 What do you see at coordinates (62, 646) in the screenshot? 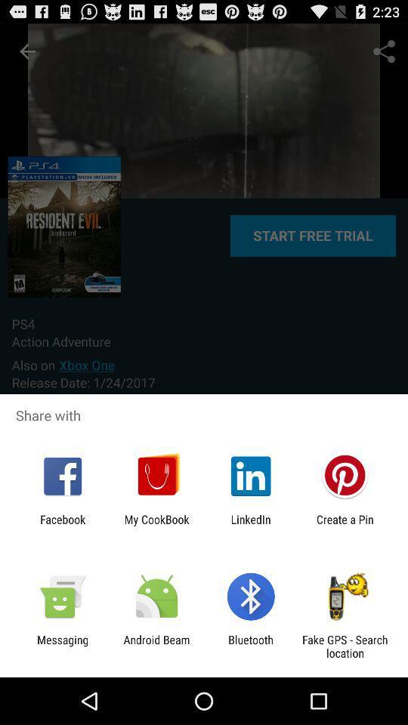
I see `the icon next to the android beam icon` at bounding box center [62, 646].